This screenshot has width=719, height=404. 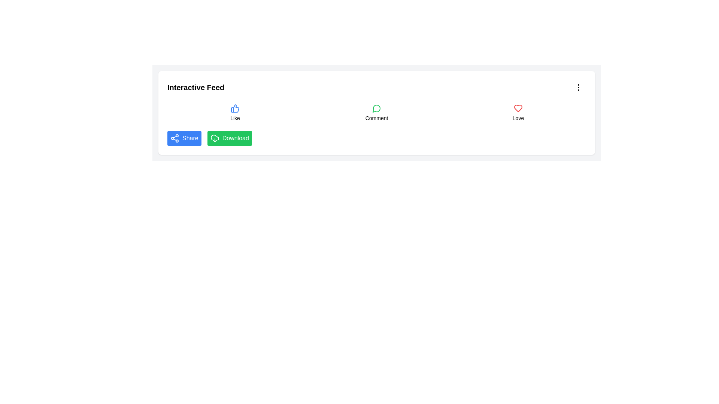 What do you see at coordinates (376, 108) in the screenshot?
I see `the green speech bubble icon button located below the 'Interactive Feed' label using keyboard navigation` at bounding box center [376, 108].